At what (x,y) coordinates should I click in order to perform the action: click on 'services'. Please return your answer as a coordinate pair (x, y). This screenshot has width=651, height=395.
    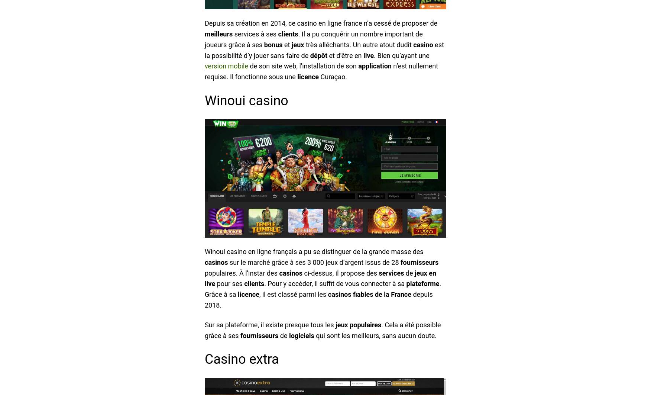
    Looking at the image, I should click on (391, 273).